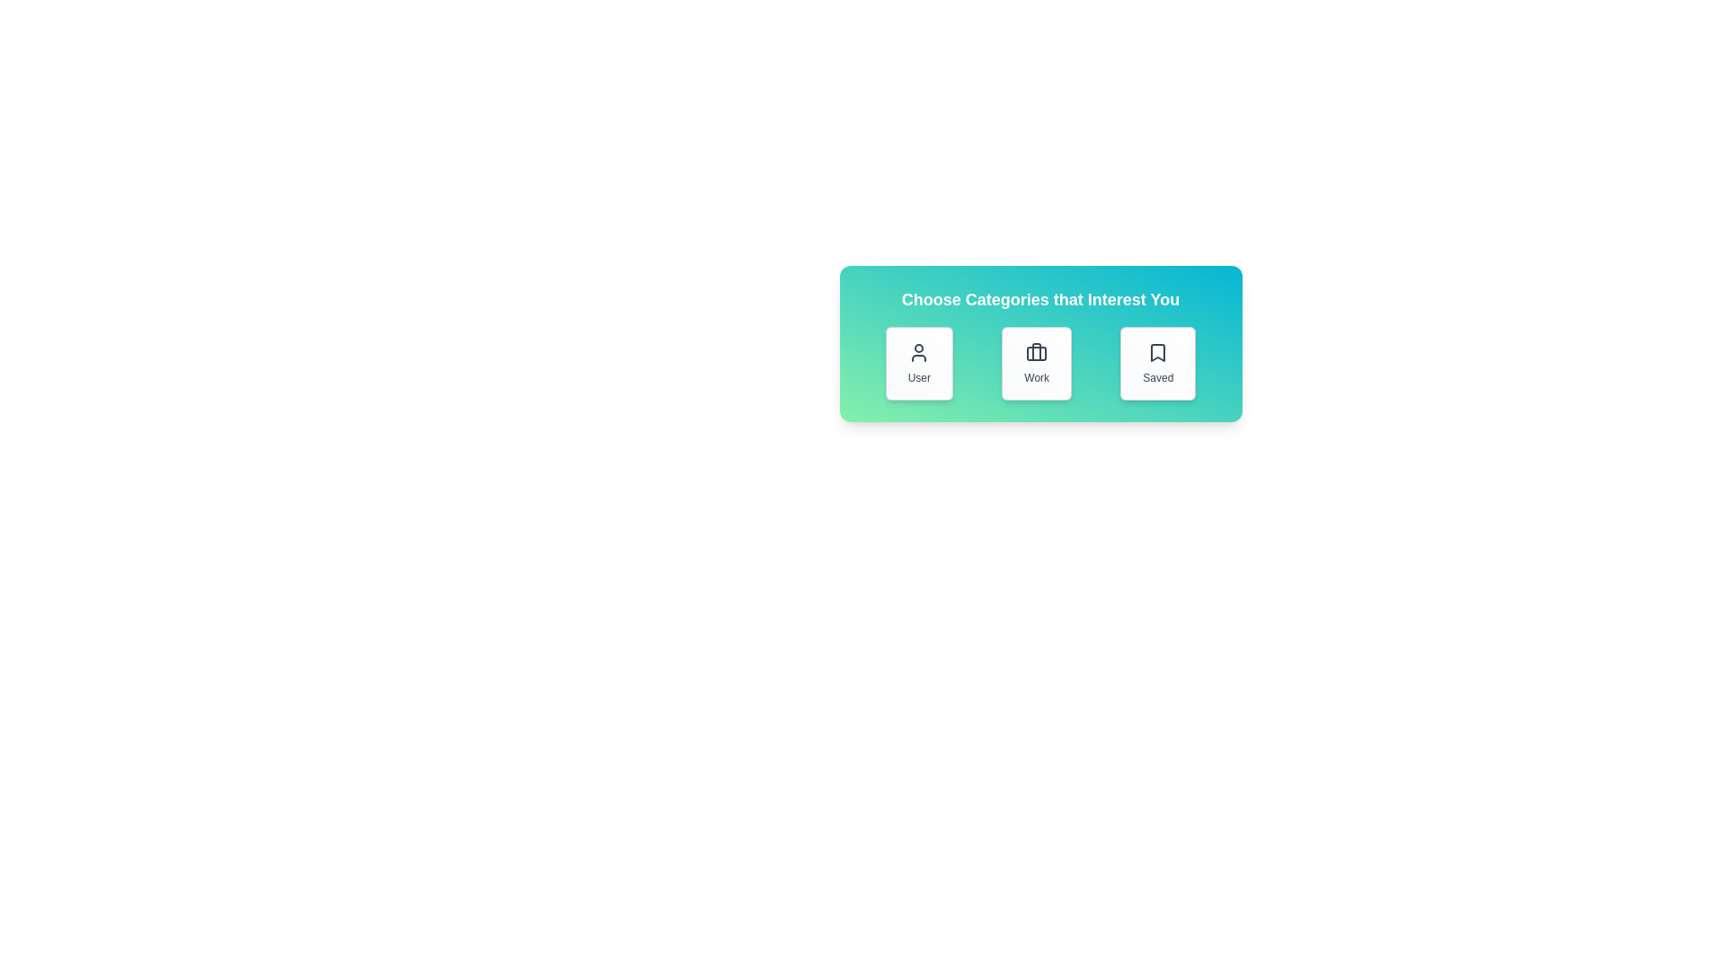 The image size is (1725, 970). I want to click on the User button to see the hover effect, so click(919, 364).